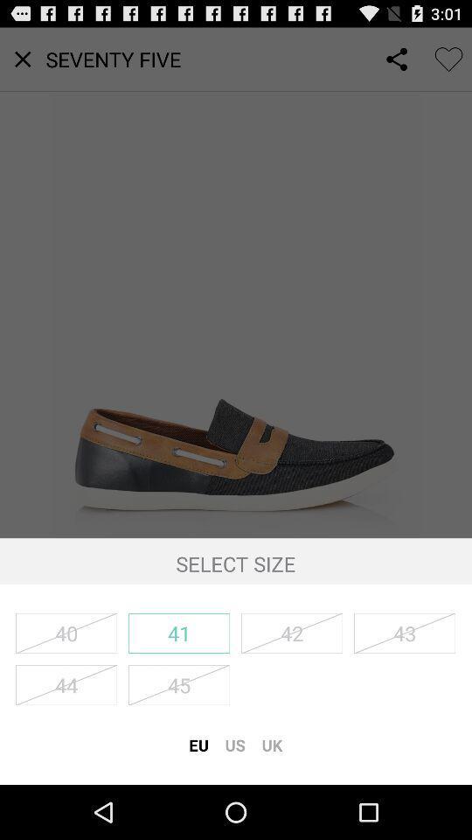  Describe the element at coordinates (198, 744) in the screenshot. I see `icon next to us icon` at that location.